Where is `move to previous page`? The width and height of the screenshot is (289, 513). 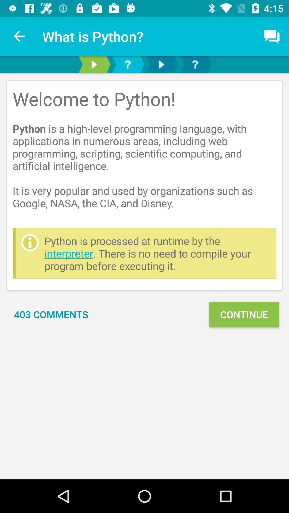
move to previous page is located at coordinates (94, 64).